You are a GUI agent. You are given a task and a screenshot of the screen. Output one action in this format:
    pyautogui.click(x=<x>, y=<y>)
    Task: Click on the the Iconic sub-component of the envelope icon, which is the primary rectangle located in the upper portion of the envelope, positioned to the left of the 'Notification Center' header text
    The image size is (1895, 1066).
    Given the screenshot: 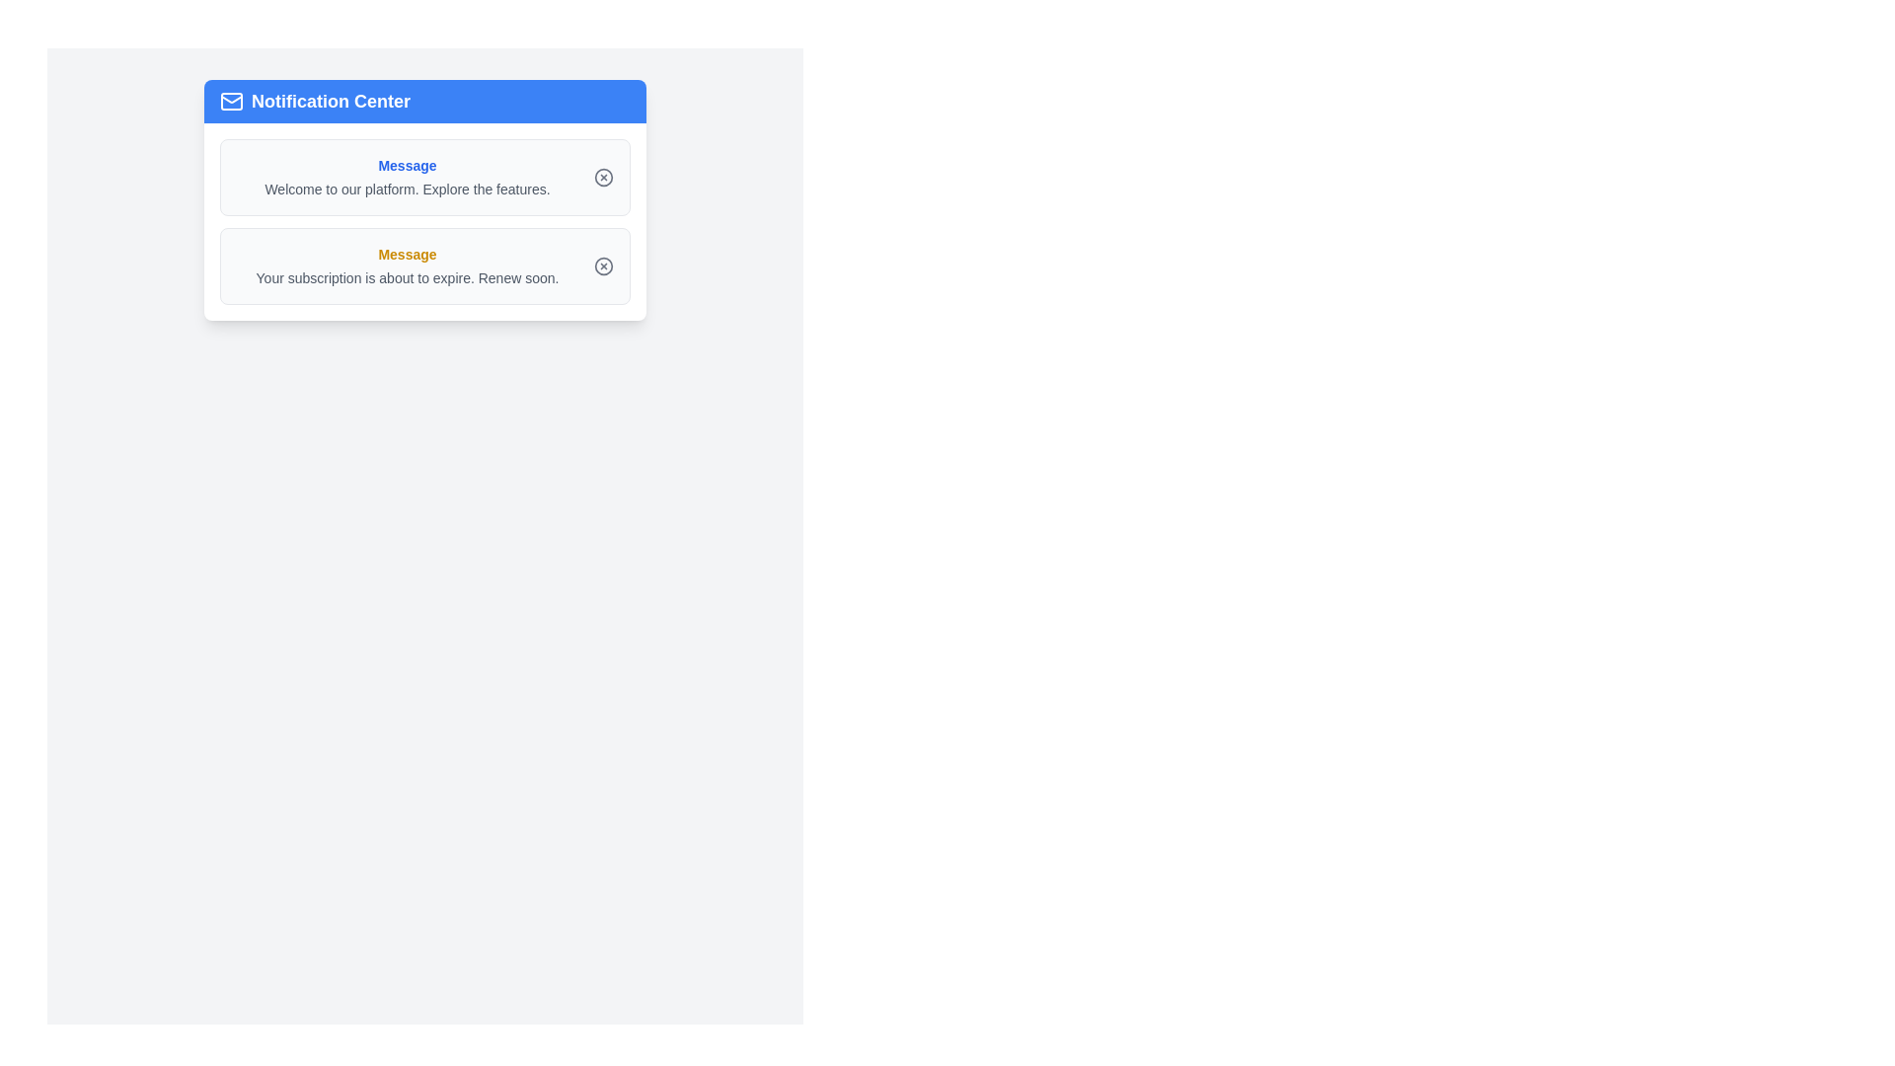 What is the action you would take?
    pyautogui.click(x=232, y=102)
    